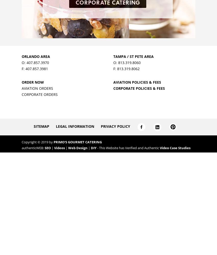  I want to click on 'Video Case Studies', so click(175, 148).